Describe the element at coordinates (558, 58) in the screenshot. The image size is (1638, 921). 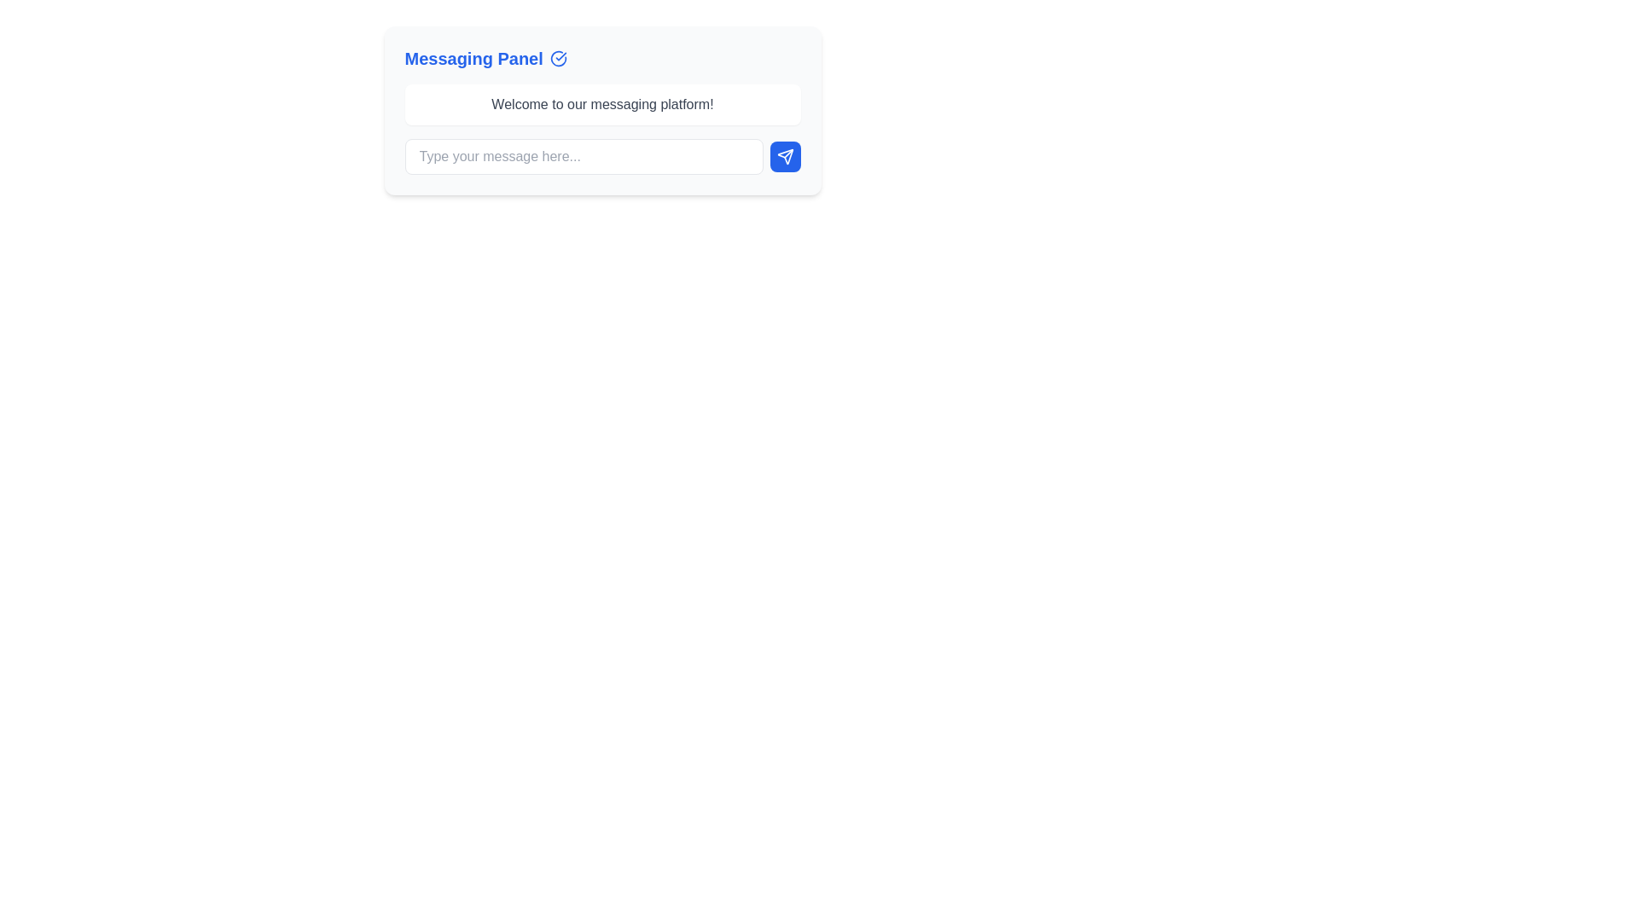
I see `the circular icon styled as a checkmark within a blue-bordered circle, located to the right of the 'Messaging Panel' text in the header of the interface` at that location.